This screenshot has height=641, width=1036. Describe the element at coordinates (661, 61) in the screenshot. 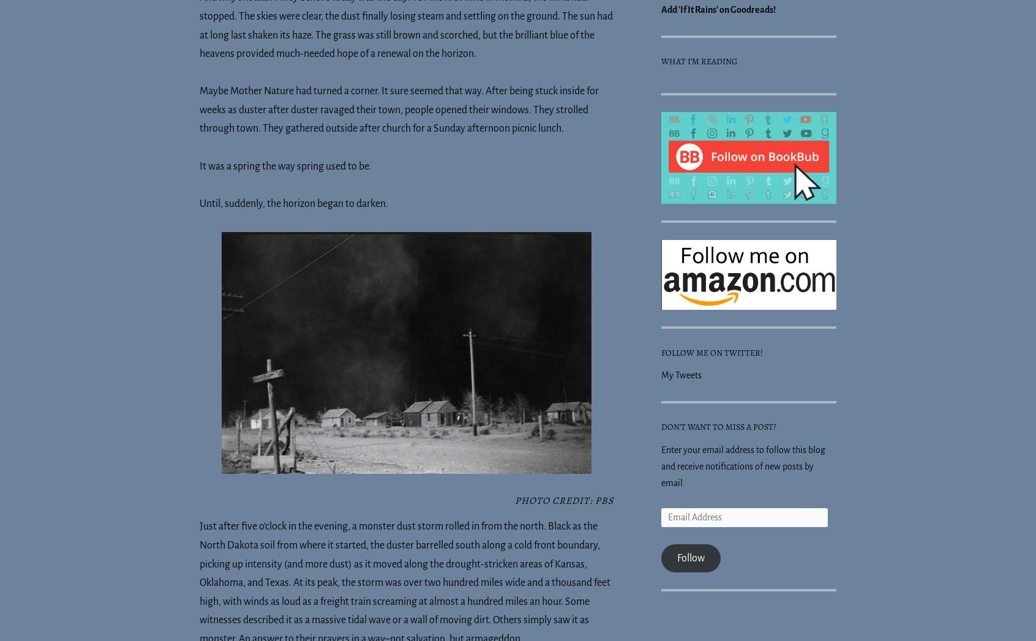

I see `'What I’m Reading'` at that location.